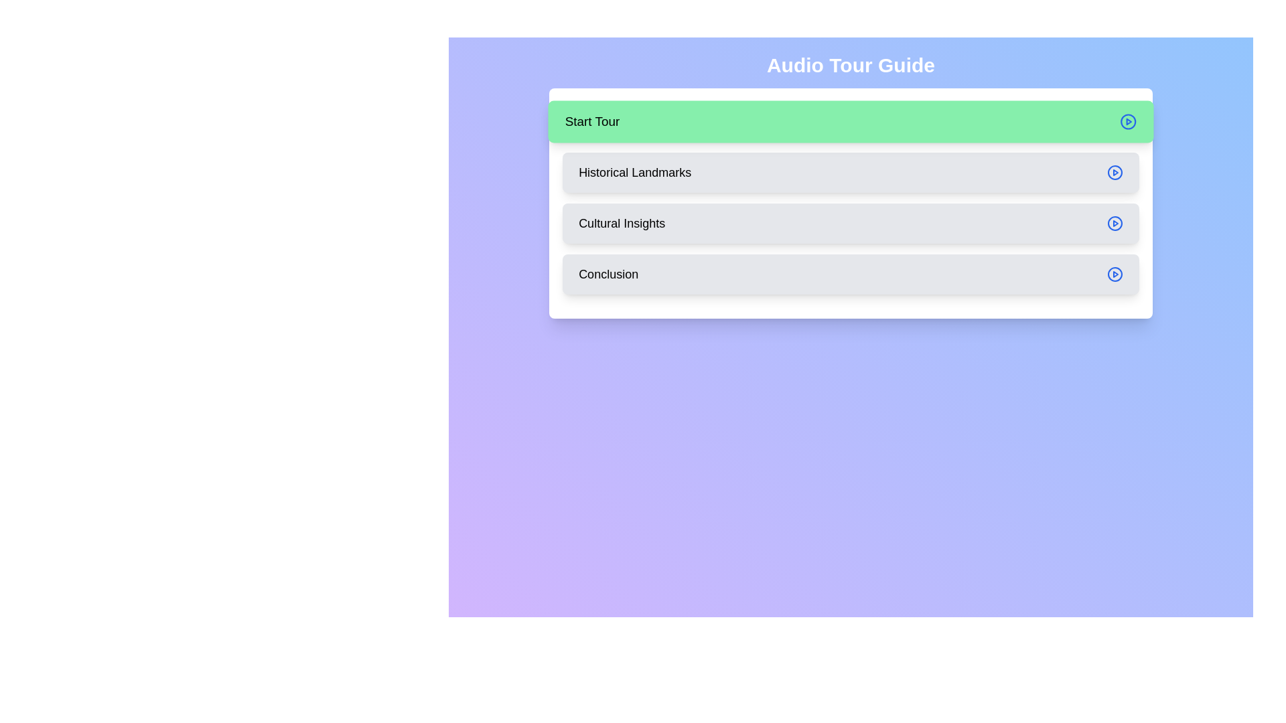 This screenshot has width=1286, height=723. What do you see at coordinates (1115, 223) in the screenshot?
I see `the play button associated with the Cultural Insights step to play its audio` at bounding box center [1115, 223].